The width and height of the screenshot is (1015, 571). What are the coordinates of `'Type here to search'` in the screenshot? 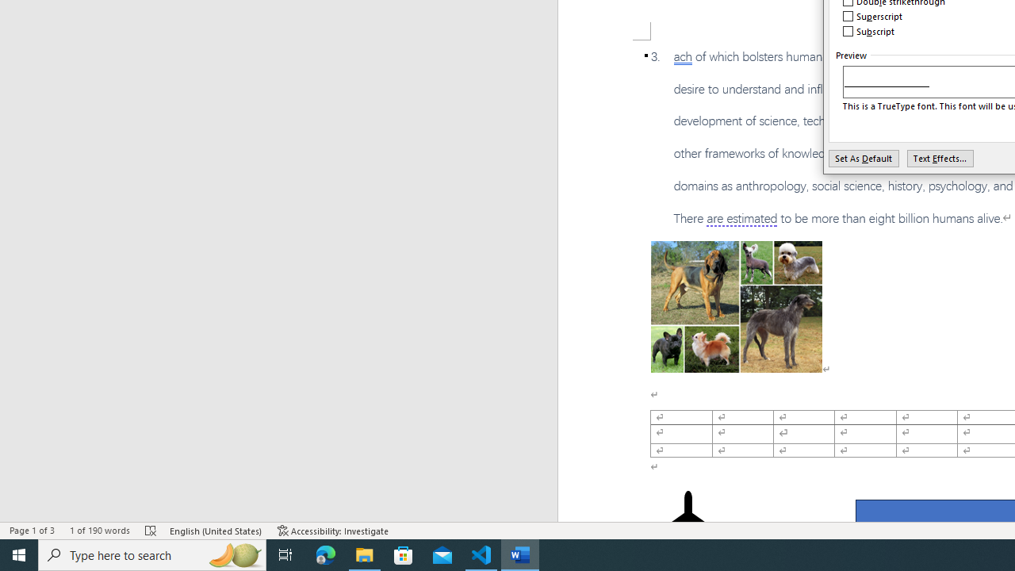 It's located at (152, 554).